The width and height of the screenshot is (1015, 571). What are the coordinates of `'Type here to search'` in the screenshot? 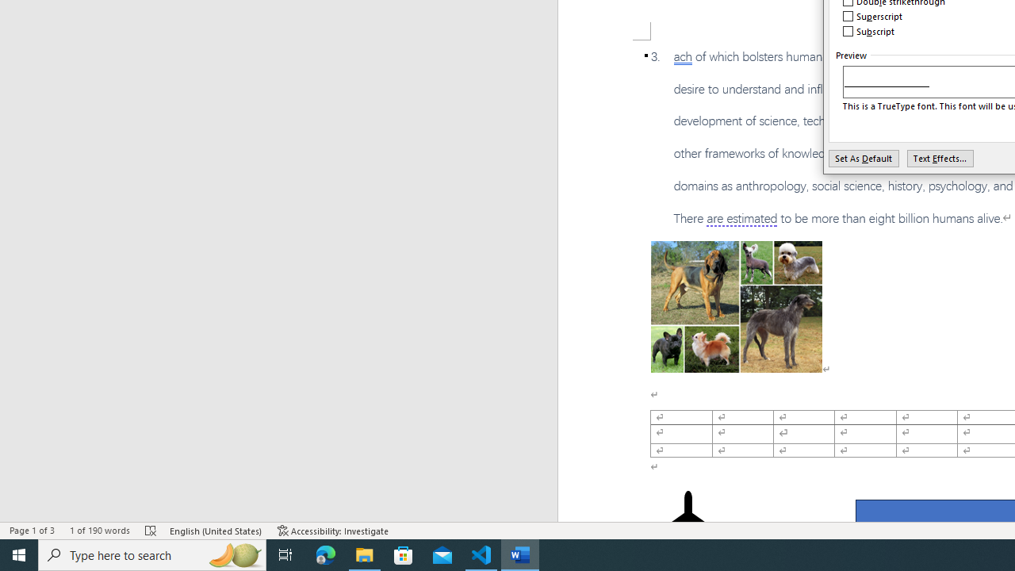 It's located at (152, 554).